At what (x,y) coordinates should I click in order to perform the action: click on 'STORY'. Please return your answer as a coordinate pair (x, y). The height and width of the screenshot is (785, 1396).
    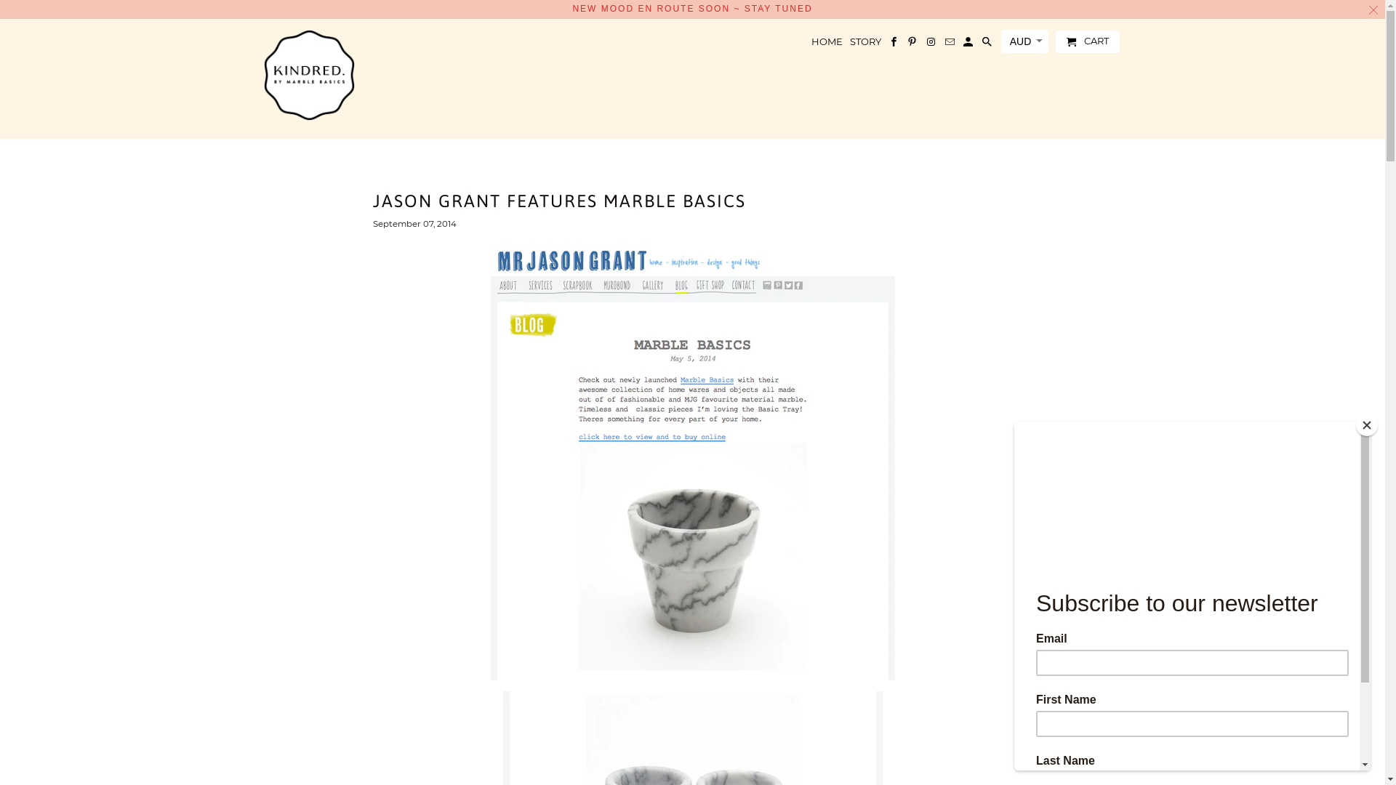
    Looking at the image, I should click on (865, 44).